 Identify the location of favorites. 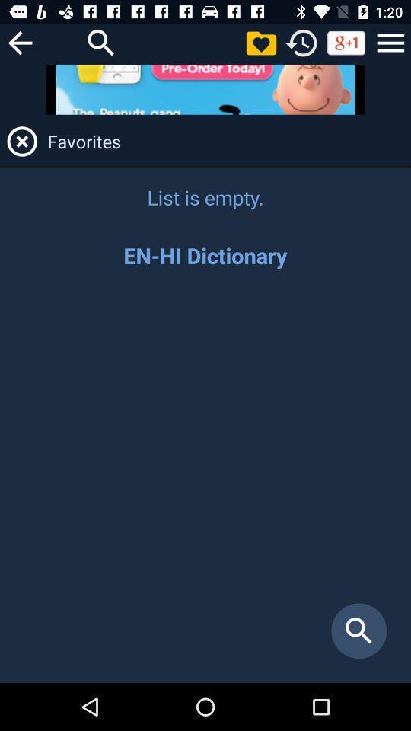
(260, 42).